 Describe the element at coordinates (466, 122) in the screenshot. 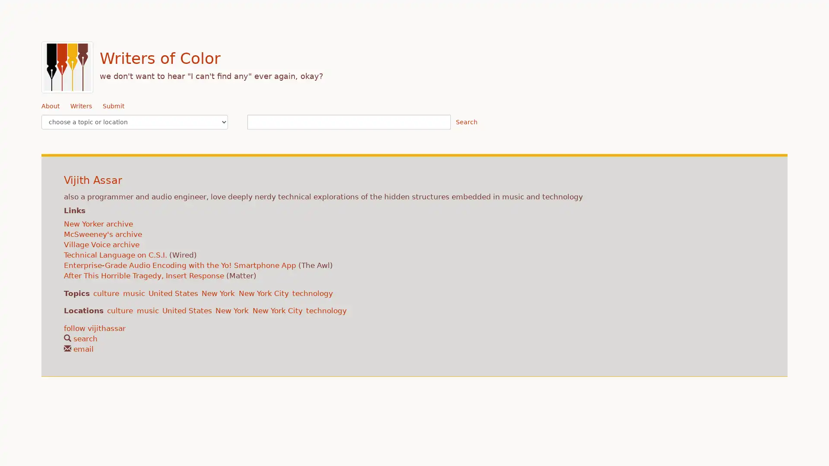

I see `Search` at that location.